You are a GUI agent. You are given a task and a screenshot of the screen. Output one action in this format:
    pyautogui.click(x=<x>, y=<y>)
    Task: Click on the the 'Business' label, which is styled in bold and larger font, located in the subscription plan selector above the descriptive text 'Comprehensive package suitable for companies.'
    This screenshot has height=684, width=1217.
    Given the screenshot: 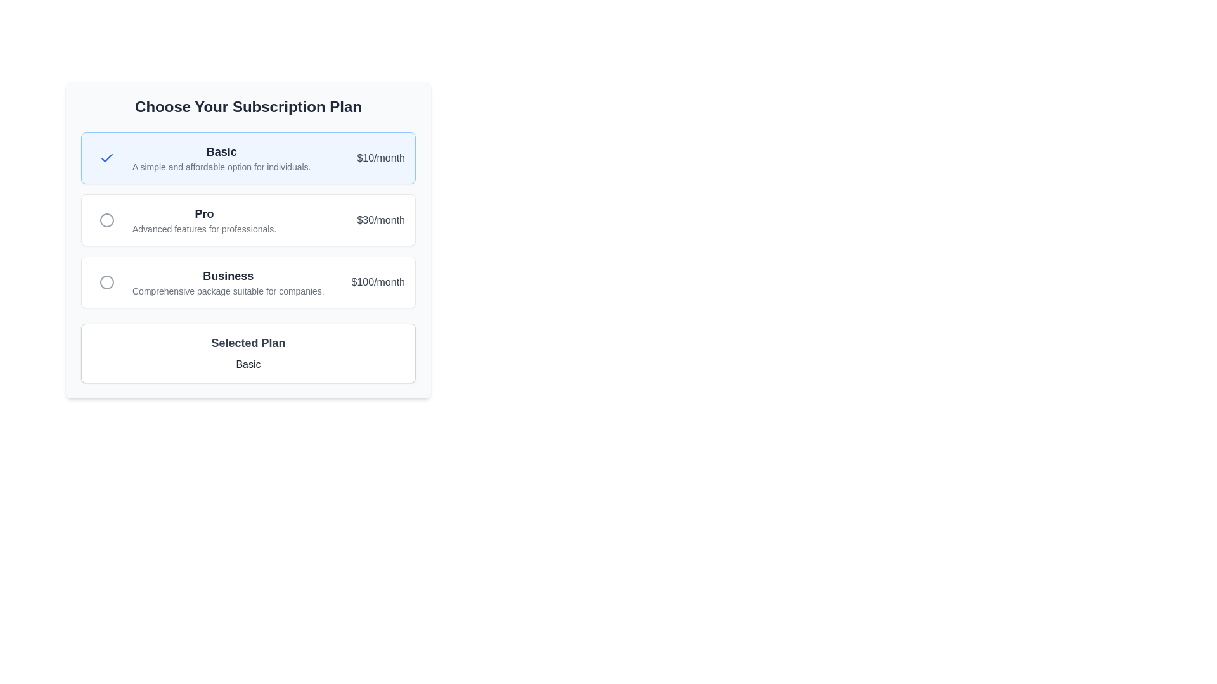 What is the action you would take?
    pyautogui.click(x=228, y=275)
    